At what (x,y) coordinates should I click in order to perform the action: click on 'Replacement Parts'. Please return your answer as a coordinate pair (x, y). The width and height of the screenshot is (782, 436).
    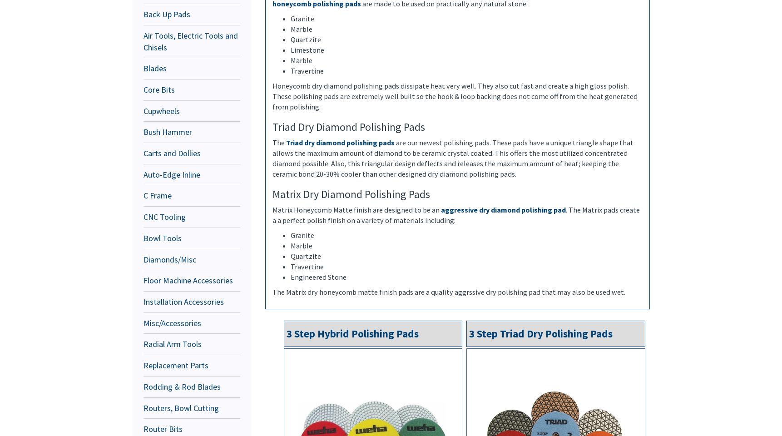
    Looking at the image, I should click on (176, 365).